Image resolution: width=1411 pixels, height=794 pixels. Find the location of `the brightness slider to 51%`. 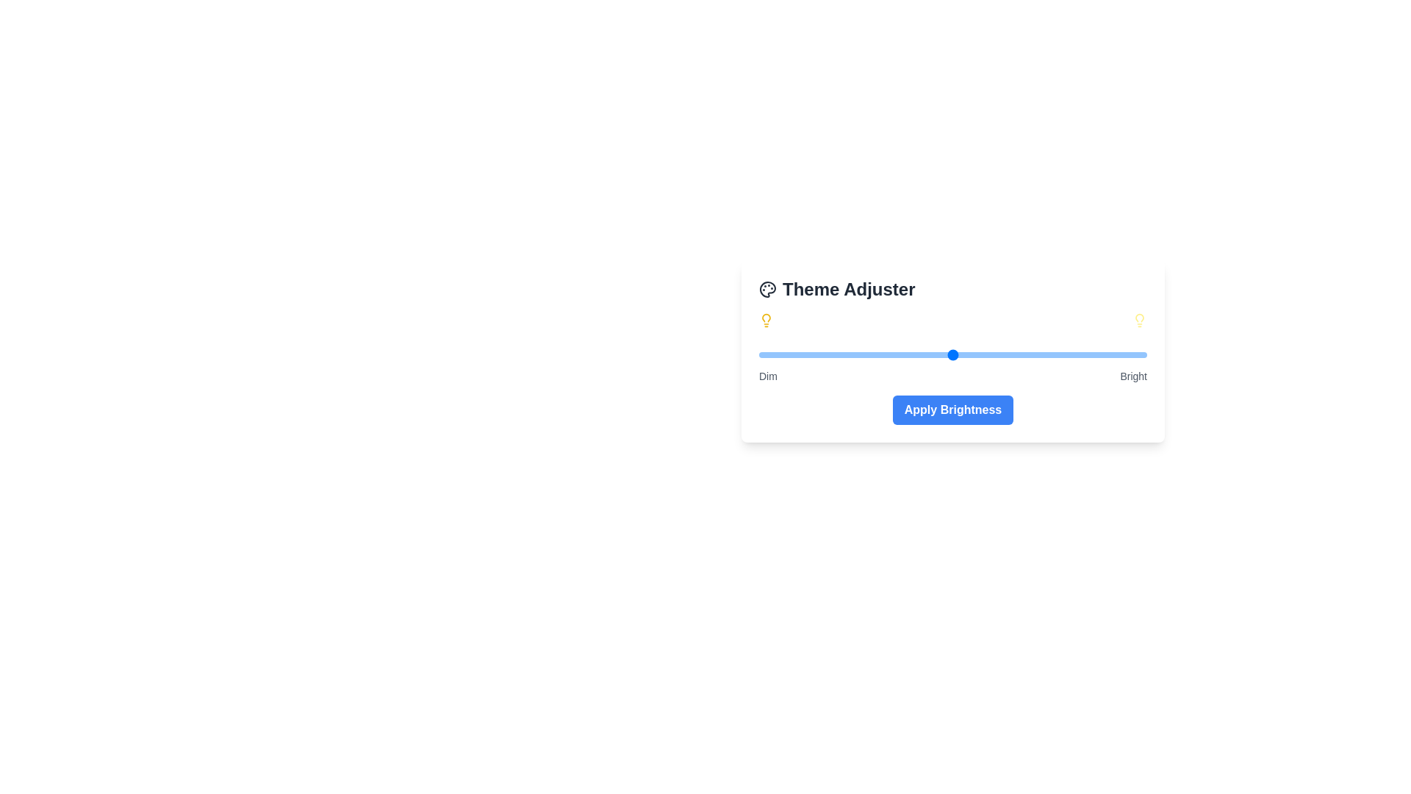

the brightness slider to 51% is located at coordinates (957, 354).